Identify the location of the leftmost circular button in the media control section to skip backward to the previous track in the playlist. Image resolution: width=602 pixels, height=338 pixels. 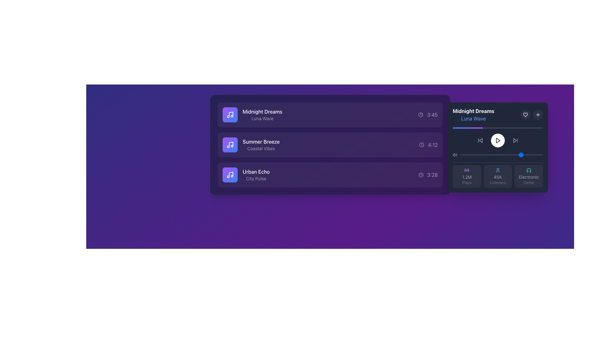
(480, 140).